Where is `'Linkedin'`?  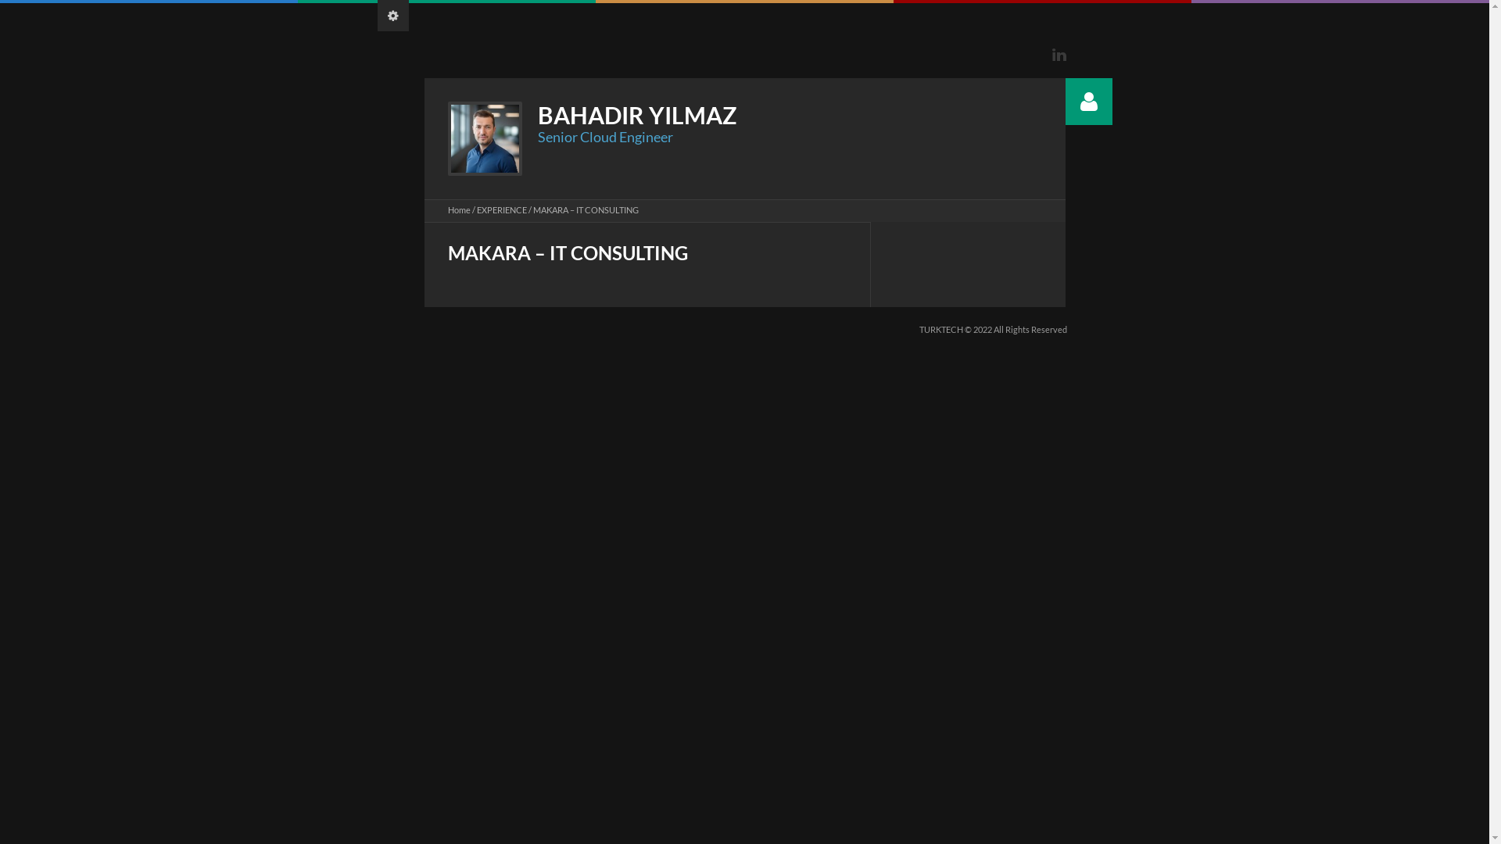
'Linkedin' is located at coordinates (1059, 53).